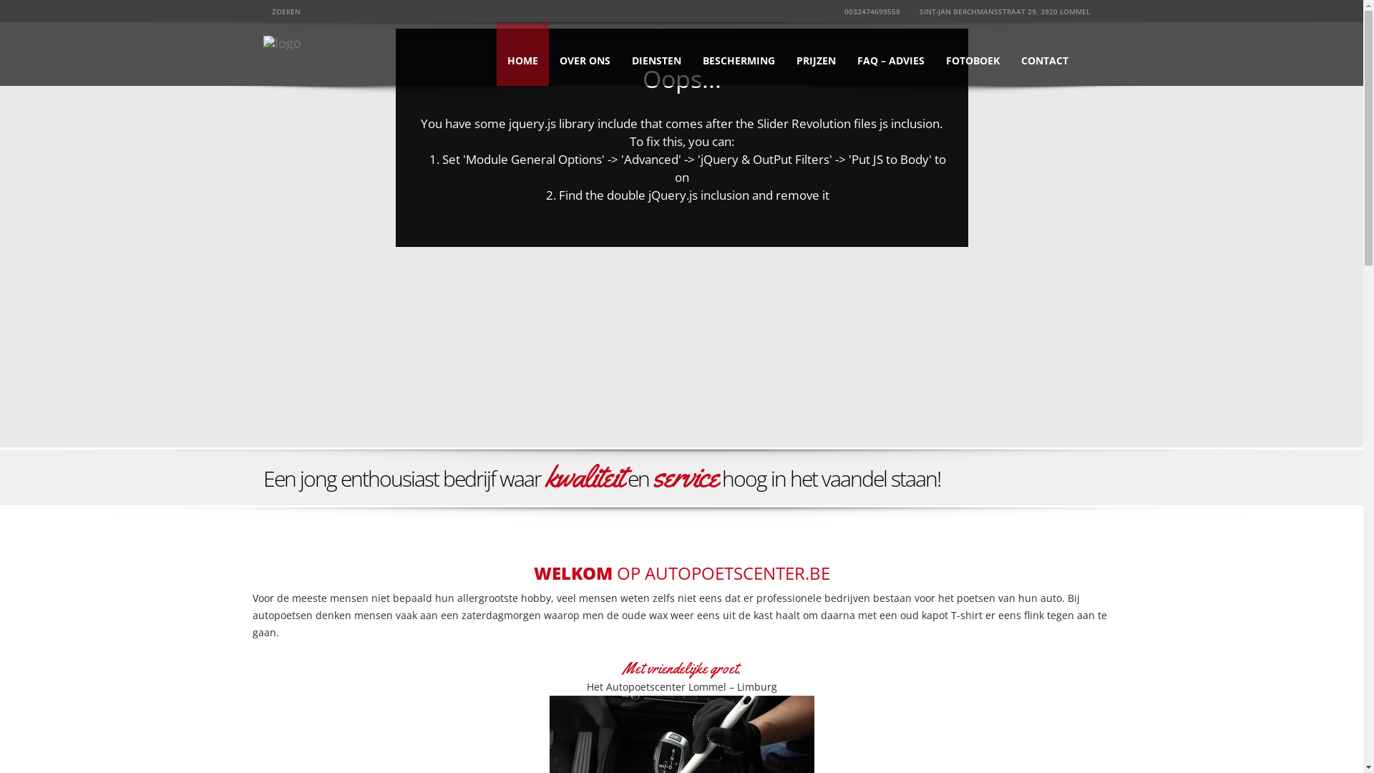 The height and width of the screenshot is (773, 1374). What do you see at coordinates (816, 53) in the screenshot?
I see `'PRIJZEN'` at bounding box center [816, 53].